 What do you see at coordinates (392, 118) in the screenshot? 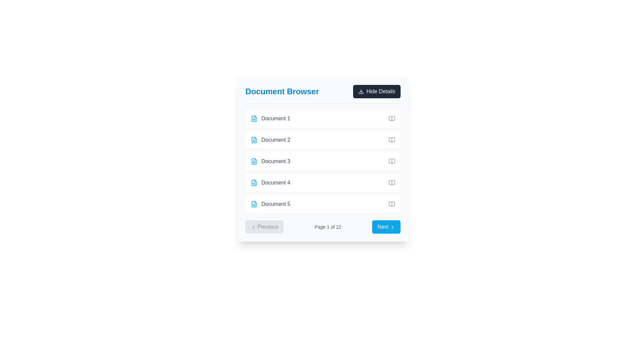
I see `the icon button resembling an open book, located in the first row of the 'Document Browser' panel, rightmost in the row titled 'Document 1', to change its color` at bounding box center [392, 118].